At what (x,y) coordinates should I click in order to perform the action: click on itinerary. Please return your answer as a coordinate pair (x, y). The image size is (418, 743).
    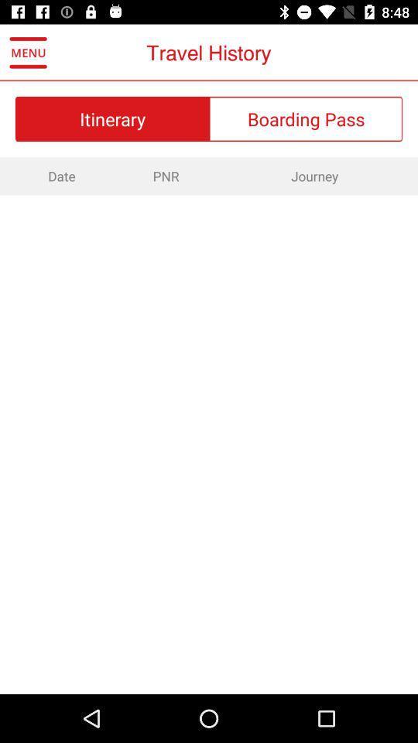
    Looking at the image, I should click on (111, 118).